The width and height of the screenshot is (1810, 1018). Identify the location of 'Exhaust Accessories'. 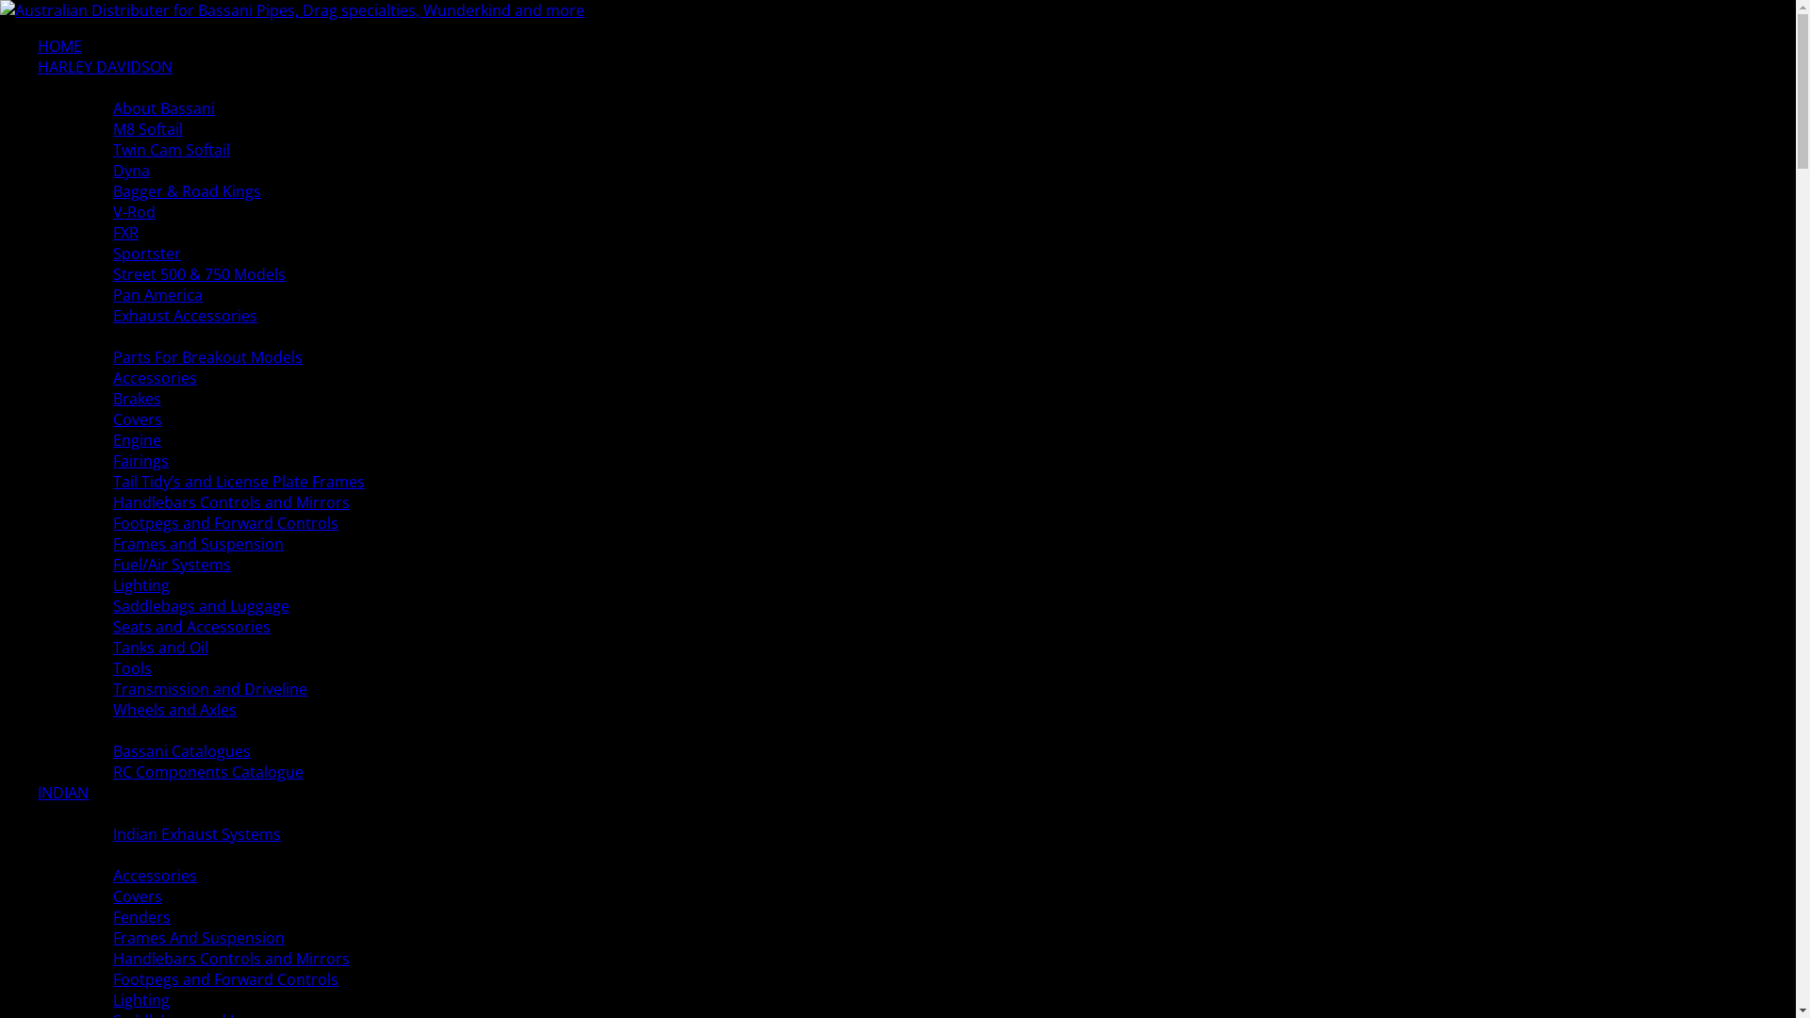
(112, 315).